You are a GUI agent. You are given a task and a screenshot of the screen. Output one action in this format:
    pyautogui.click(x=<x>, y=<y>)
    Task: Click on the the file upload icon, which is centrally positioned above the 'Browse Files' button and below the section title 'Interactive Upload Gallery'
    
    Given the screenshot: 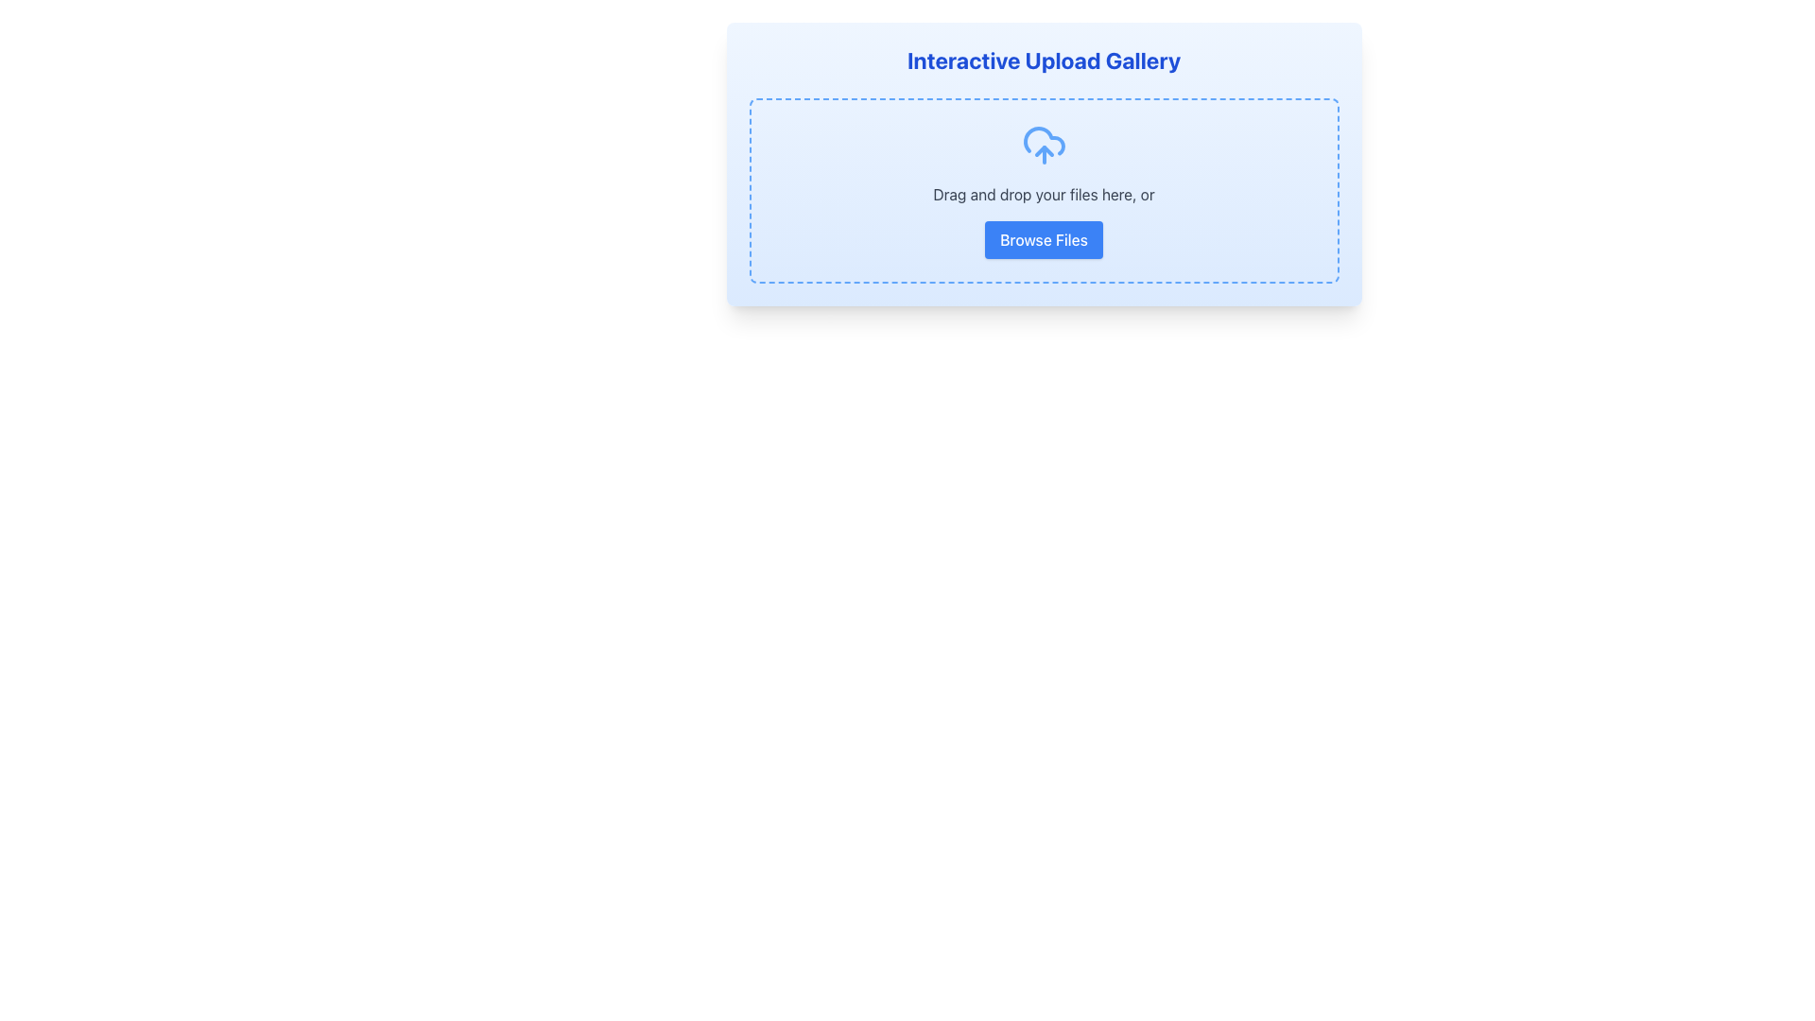 What is the action you would take?
    pyautogui.click(x=1043, y=145)
    